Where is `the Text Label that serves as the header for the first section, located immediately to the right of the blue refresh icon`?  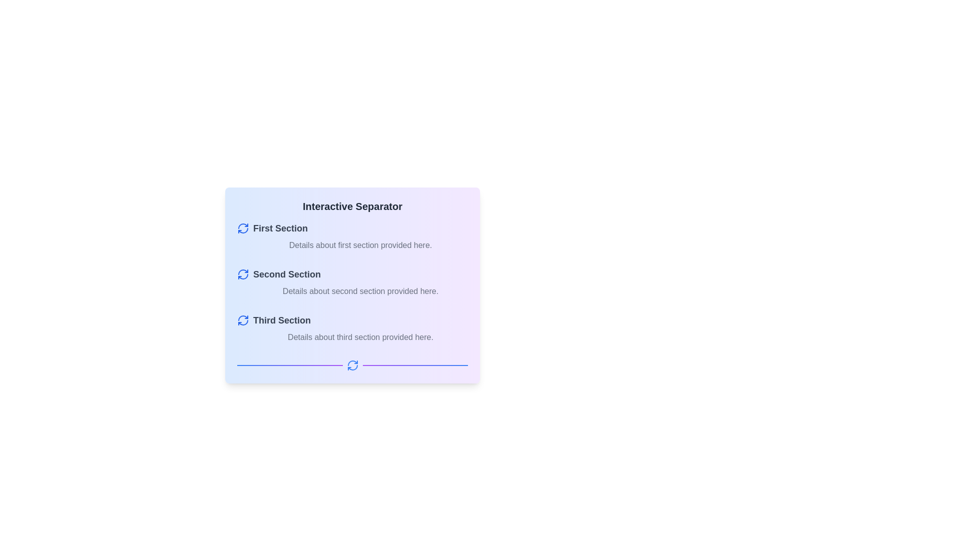
the Text Label that serves as the header for the first section, located immediately to the right of the blue refresh icon is located at coordinates (280, 228).